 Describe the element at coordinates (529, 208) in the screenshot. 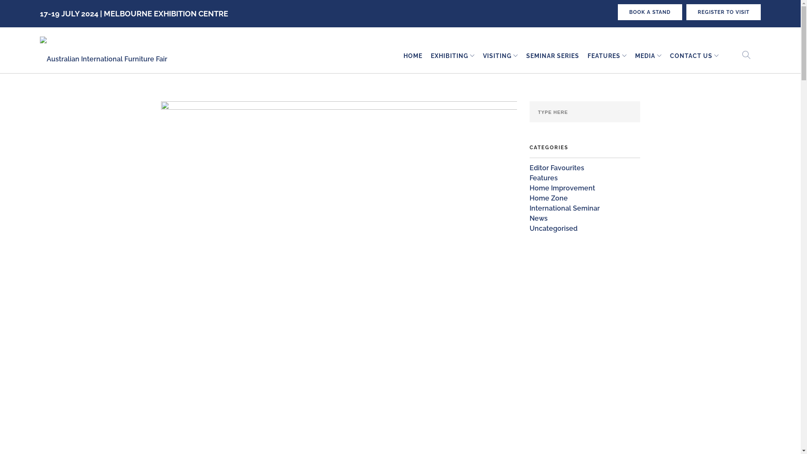

I see `'International Seminar'` at that location.